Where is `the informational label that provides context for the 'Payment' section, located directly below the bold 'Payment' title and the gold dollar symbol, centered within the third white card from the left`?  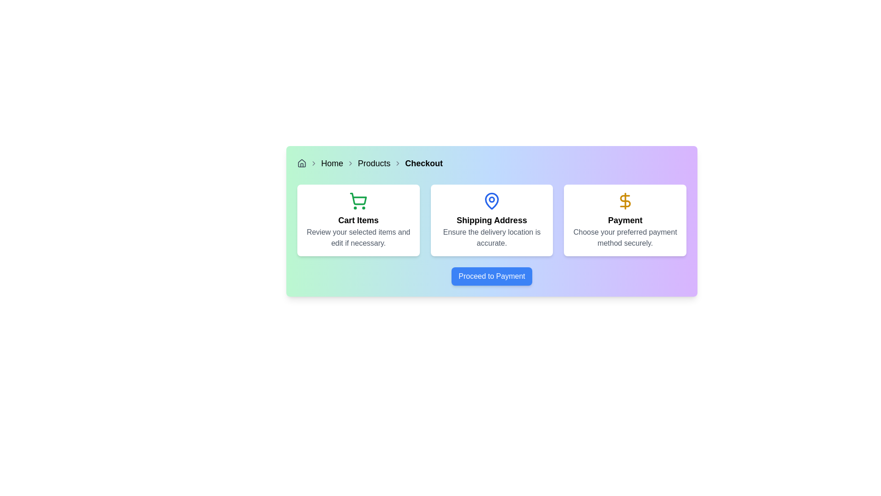
the informational label that provides context for the 'Payment' section, located directly below the bold 'Payment' title and the gold dollar symbol, centered within the third white card from the left is located at coordinates (625, 237).